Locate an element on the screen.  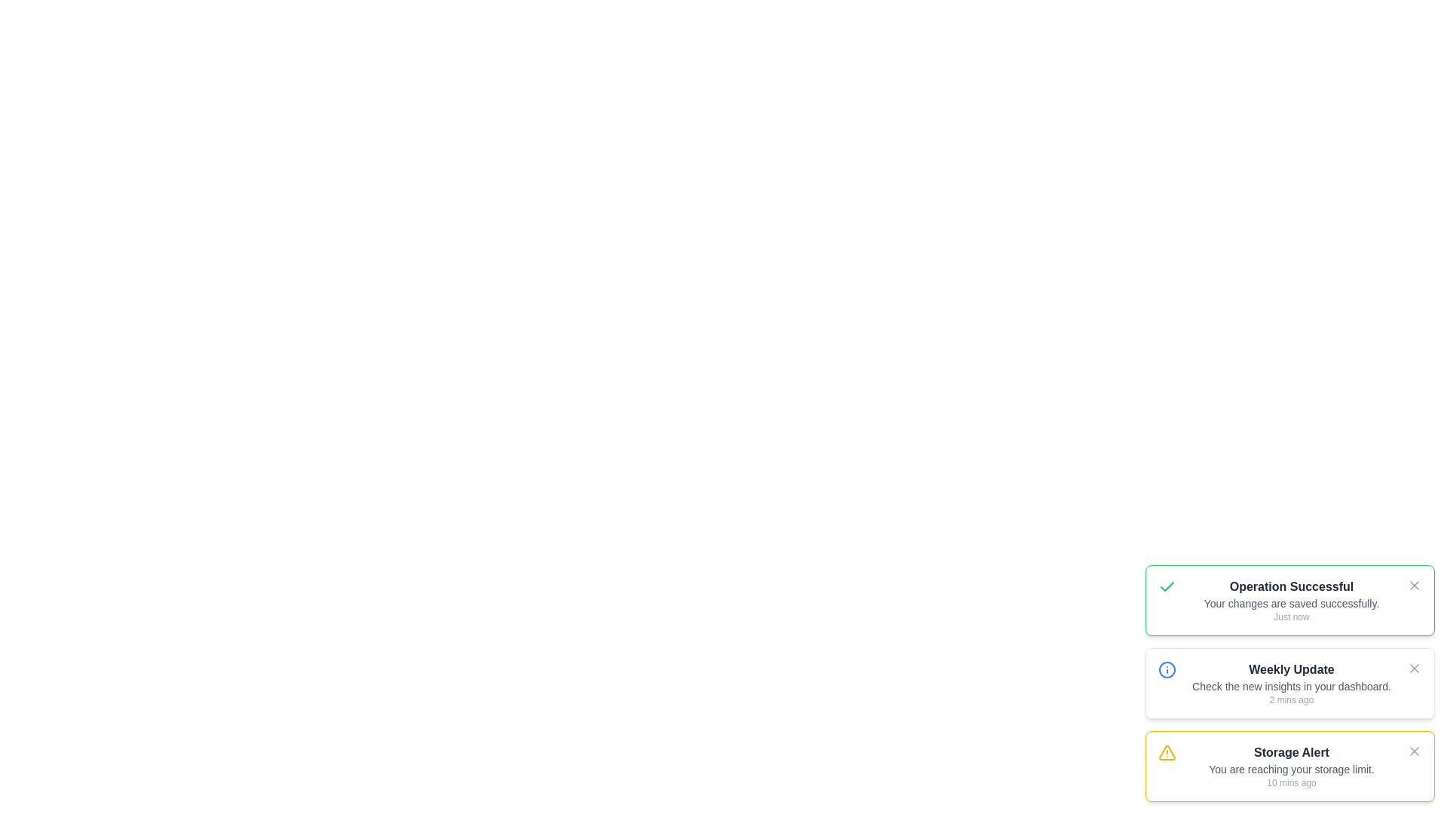
the instructional text label that provides details about the new update in the dashboard, located within the notification box below the 'Weekly Update' header is located at coordinates (1290, 686).